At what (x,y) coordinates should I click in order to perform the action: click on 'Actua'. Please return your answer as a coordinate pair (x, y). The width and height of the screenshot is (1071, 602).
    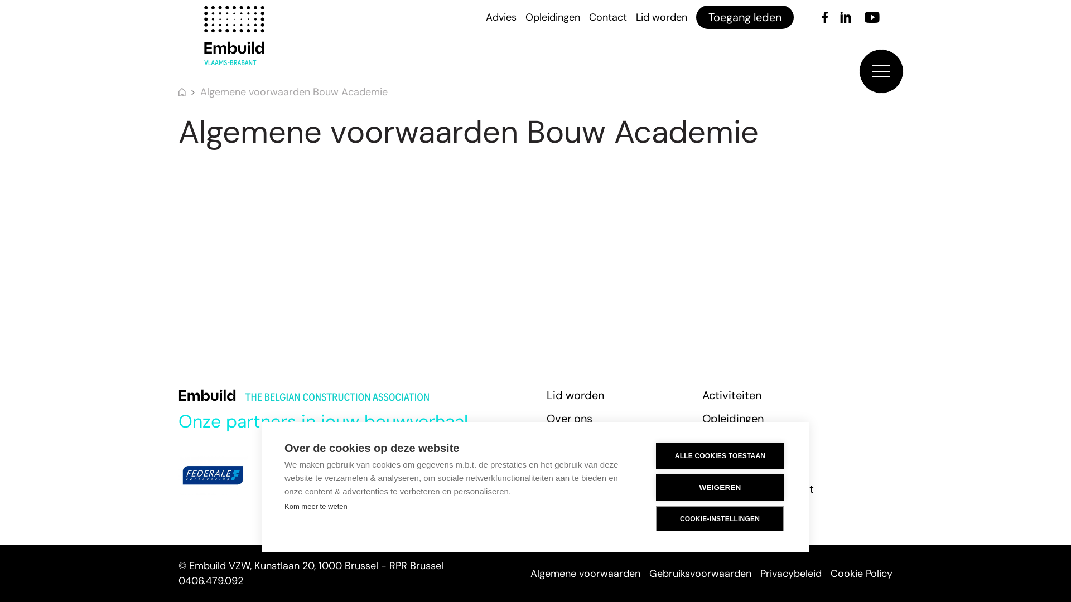
    Looking at the image, I should click on (717, 441).